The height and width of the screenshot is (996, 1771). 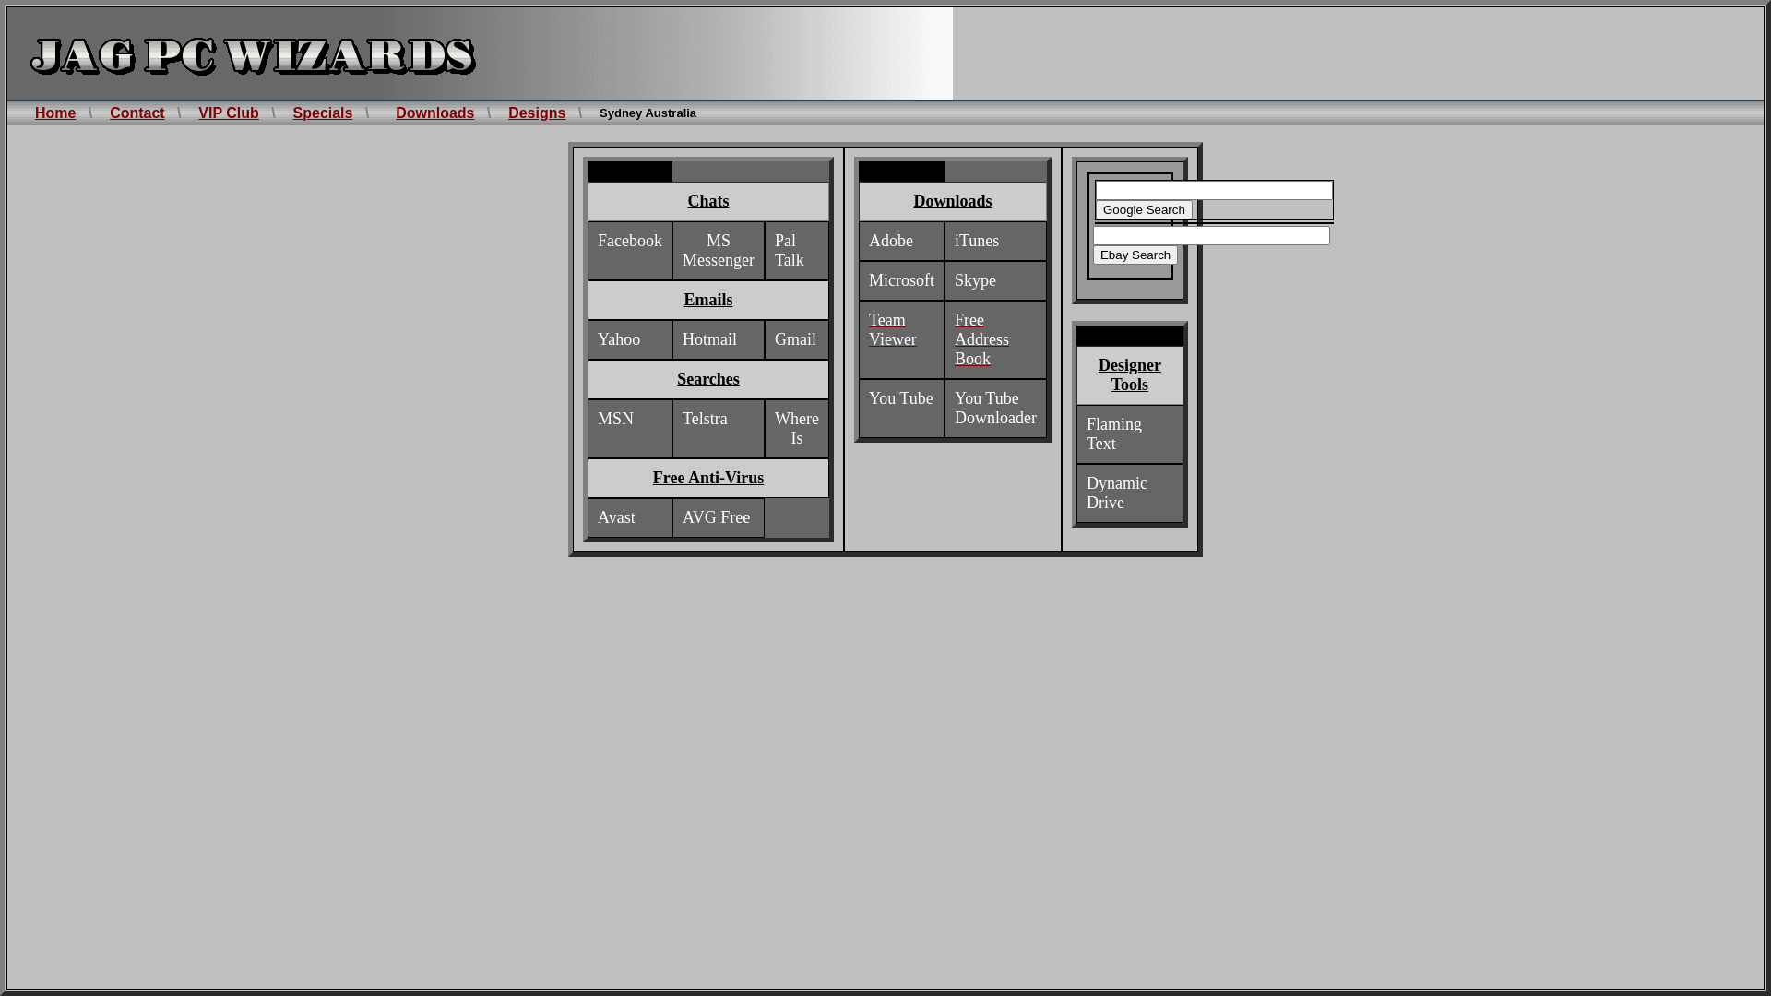 What do you see at coordinates (619, 339) in the screenshot?
I see `'Yahoo'` at bounding box center [619, 339].